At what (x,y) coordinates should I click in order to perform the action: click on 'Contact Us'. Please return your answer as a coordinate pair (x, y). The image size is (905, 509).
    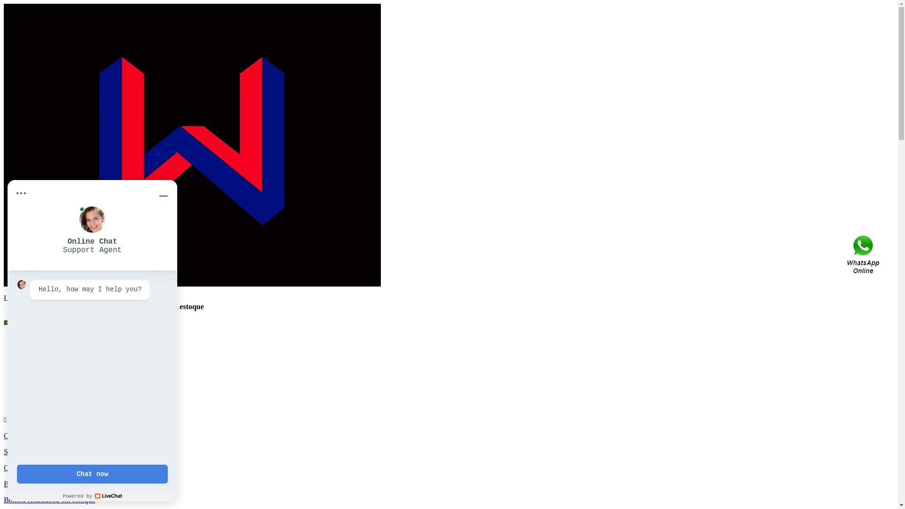
    Looking at the image, I should click on (864, 254).